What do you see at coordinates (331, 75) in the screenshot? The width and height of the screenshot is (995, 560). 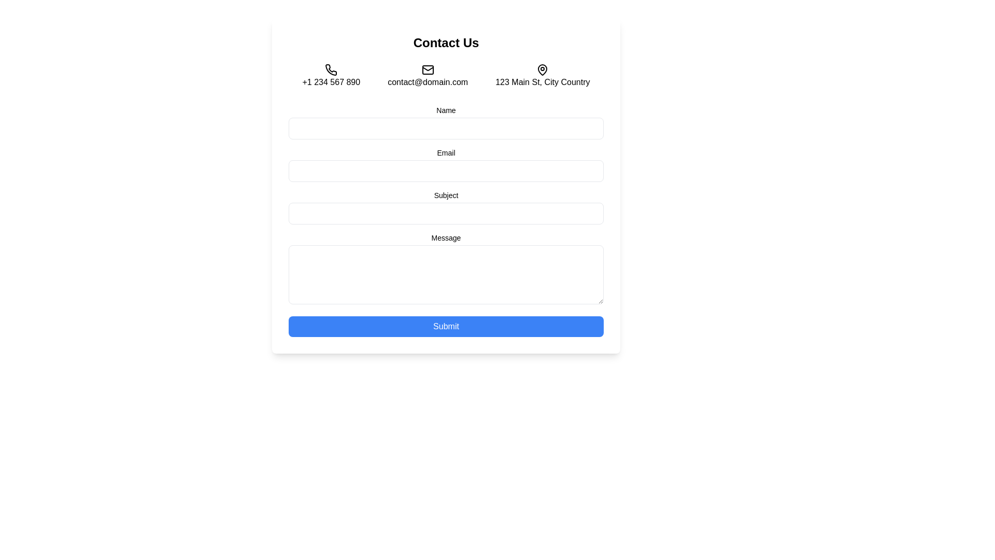 I see `the contact phone number text with accompanying icon located under the 'Contact Us' heading` at bounding box center [331, 75].